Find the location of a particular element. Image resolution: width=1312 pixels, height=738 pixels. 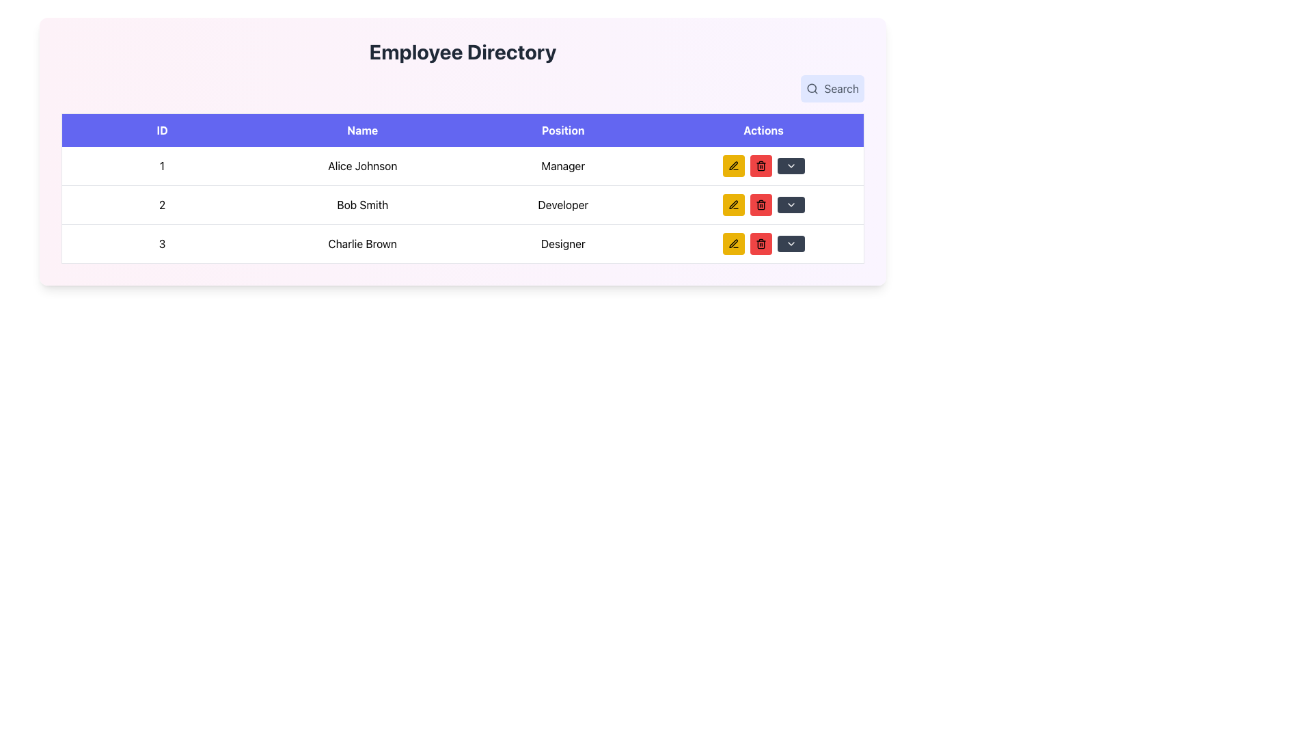

text label displaying 'Developer' located in the 'Position' column of the second row in the tabular layout, aligned with 'Bob Smith' in the 'Name' column is located at coordinates (563, 205).